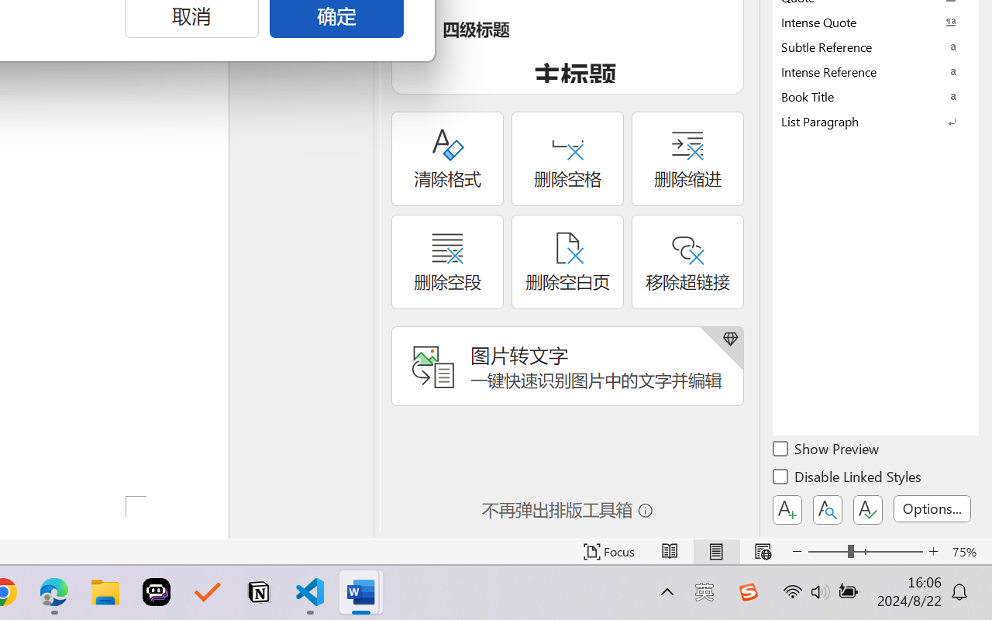 The image size is (992, 620). What do you see at coordinates (876, 71) in the screenshot?
I see `'Intense Reference'` at bounding box center [876, 71].